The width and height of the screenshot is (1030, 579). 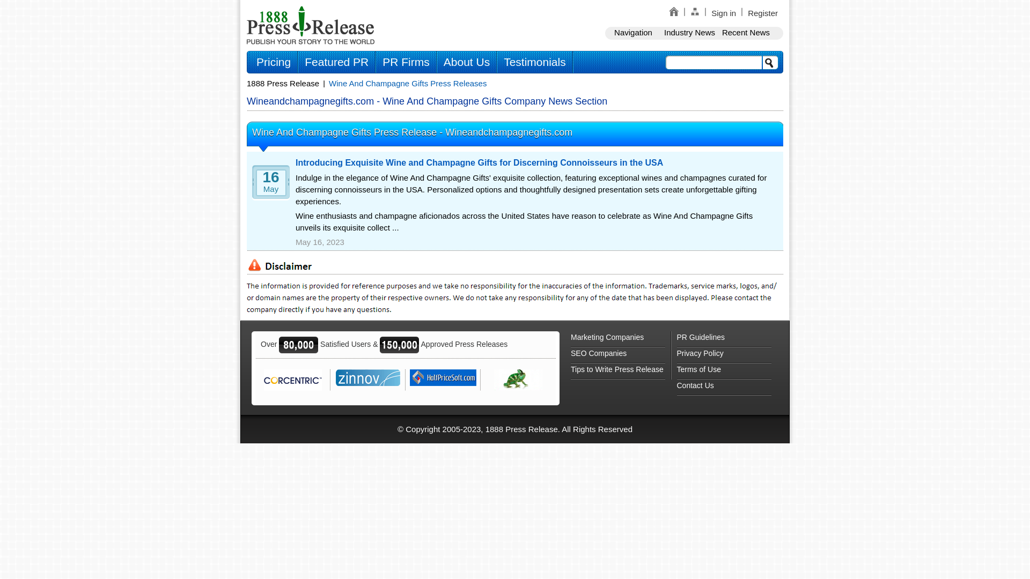 I want to click on 'PR Guidelines', so click(x=724, y=339).